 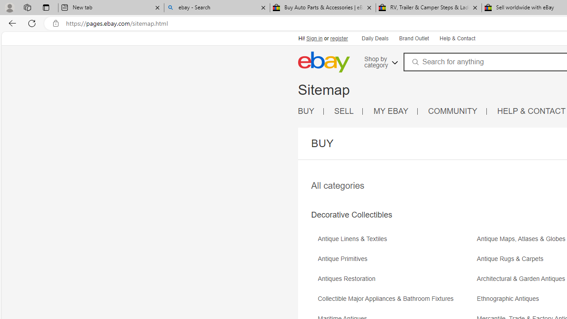 I want to click on 'Collectible Major Appliances & Bathroom Fixtures', so click(x=396, y=301).